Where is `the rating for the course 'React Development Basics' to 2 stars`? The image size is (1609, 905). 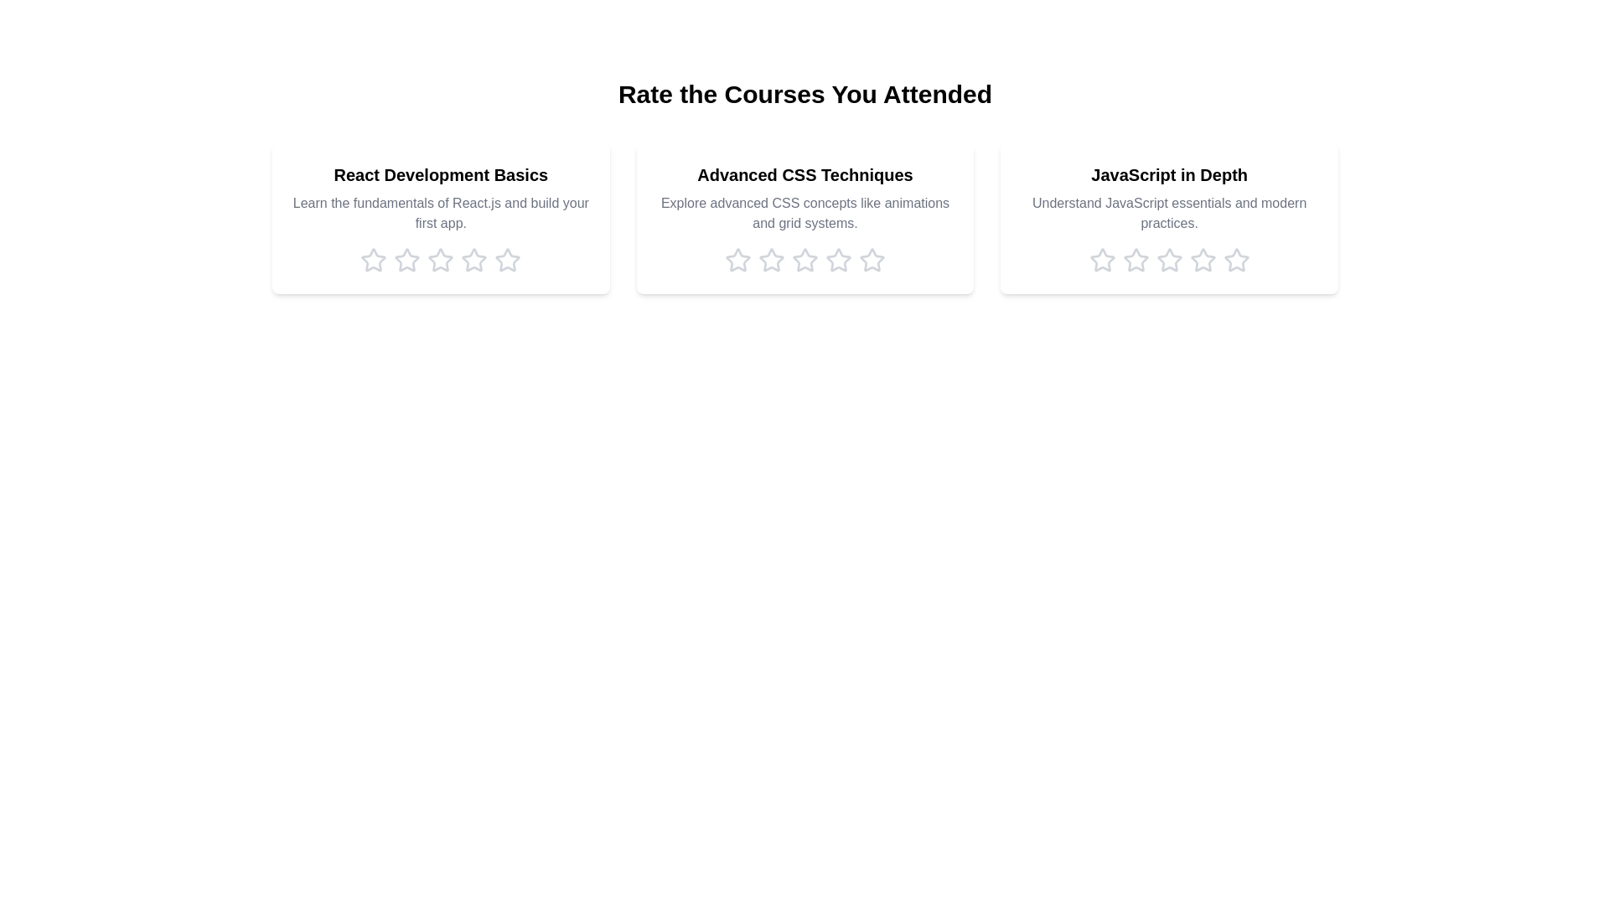
the rating for the course 'React Development Basics' to 2 stars is located at coordinates (407, 261).